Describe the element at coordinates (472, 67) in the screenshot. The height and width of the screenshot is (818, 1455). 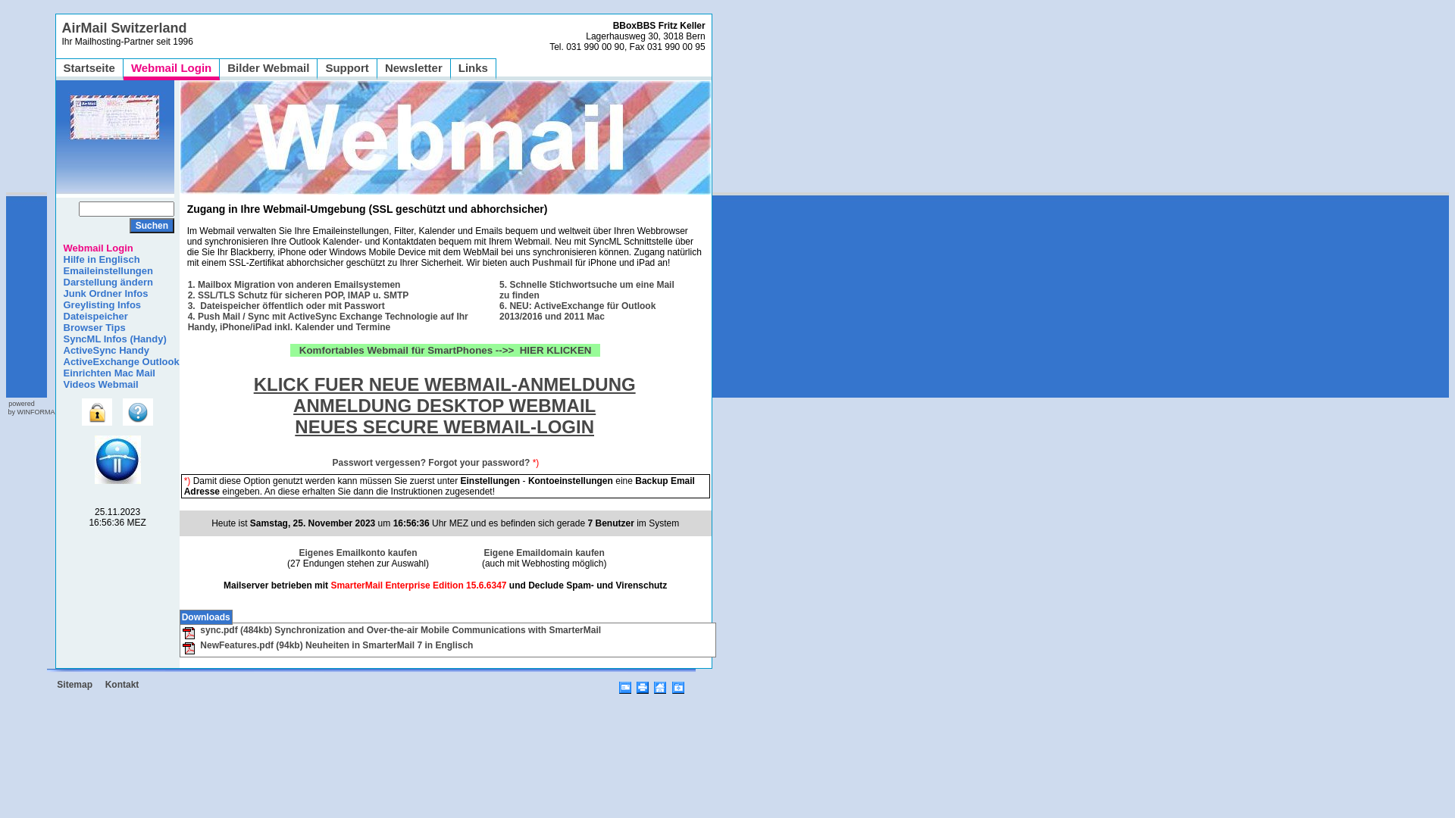
I see `'Links'` at that location.